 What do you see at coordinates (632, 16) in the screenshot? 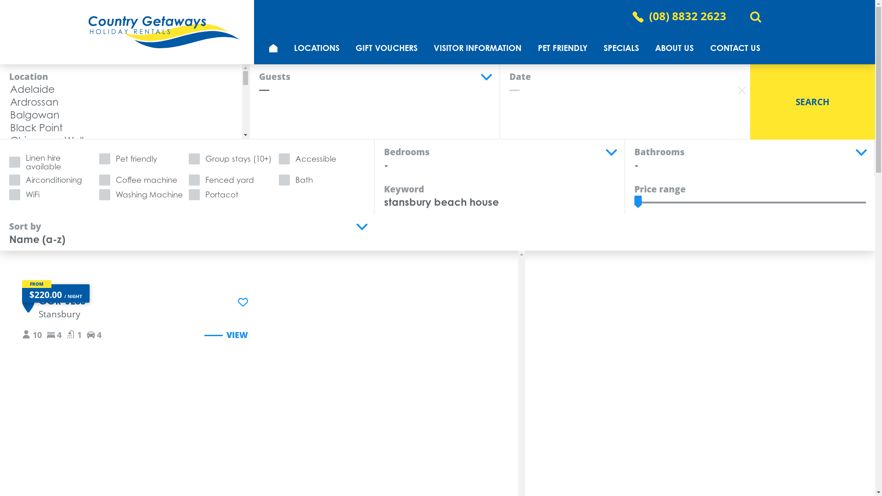
I see `'(08) 8832 2623'` at bounding box center [632, 16].